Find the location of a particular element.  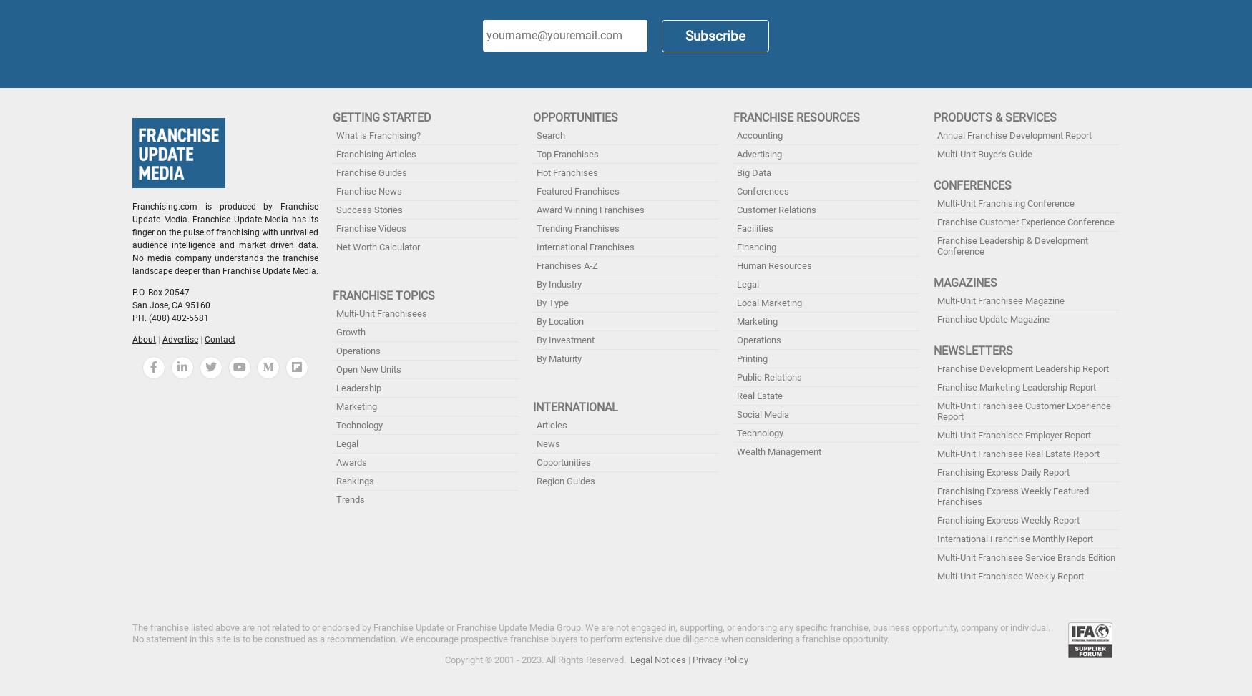

'Multi-Unit Franchisee Weekly Report' is located at coordinates (936, 574).